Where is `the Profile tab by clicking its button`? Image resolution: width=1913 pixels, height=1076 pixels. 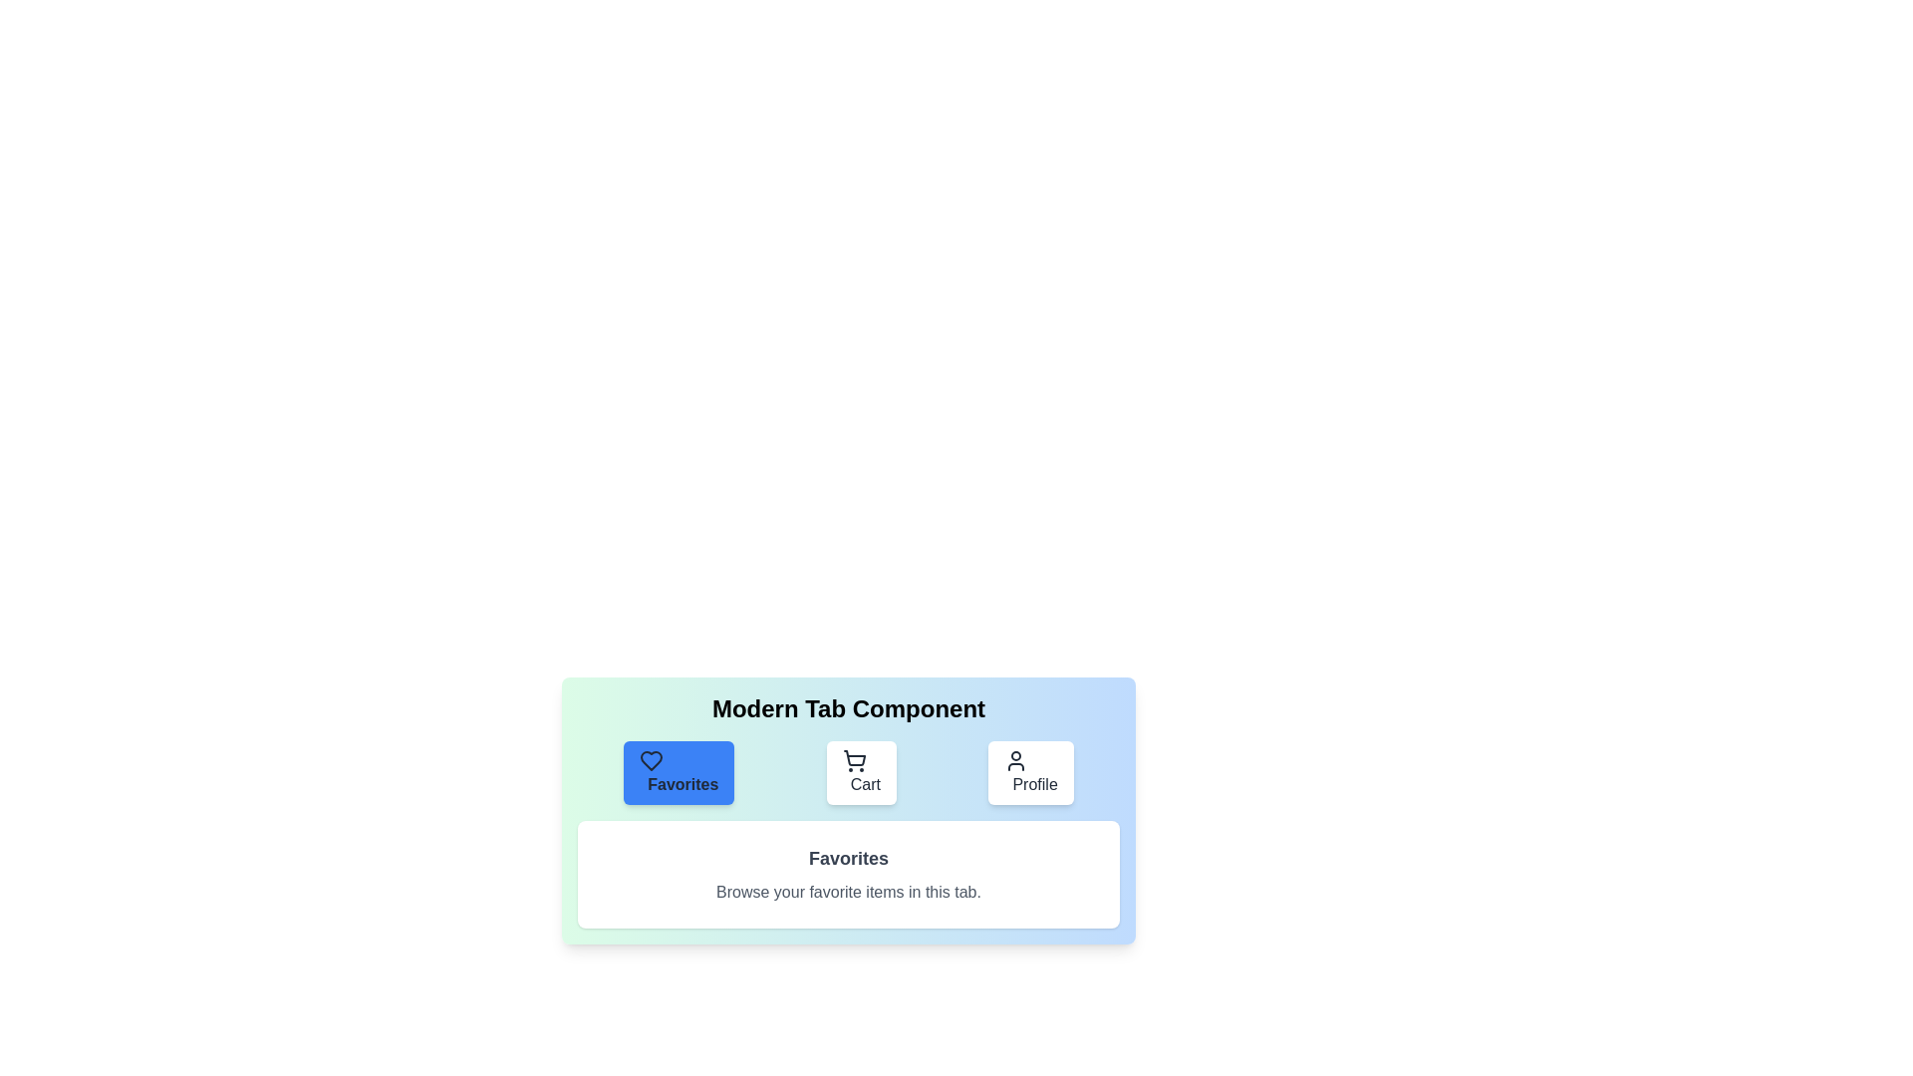
the Profile tab by clicking its button is located at coordinates (1031, 771).